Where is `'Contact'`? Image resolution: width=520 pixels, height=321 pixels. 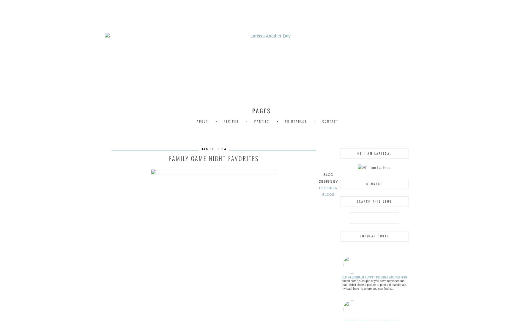 'Contact' is located at coordinates (330, 121).